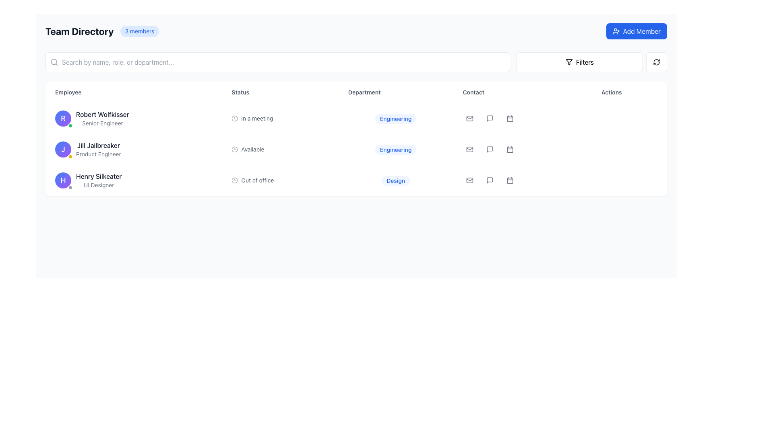 This screenshot has height=434, width=773. Describe the element at coordinates (355, 180) in the screenshot. I see `the icons for specific actions in the third row of the team directory interface, which includes user information and contact options` at that location.